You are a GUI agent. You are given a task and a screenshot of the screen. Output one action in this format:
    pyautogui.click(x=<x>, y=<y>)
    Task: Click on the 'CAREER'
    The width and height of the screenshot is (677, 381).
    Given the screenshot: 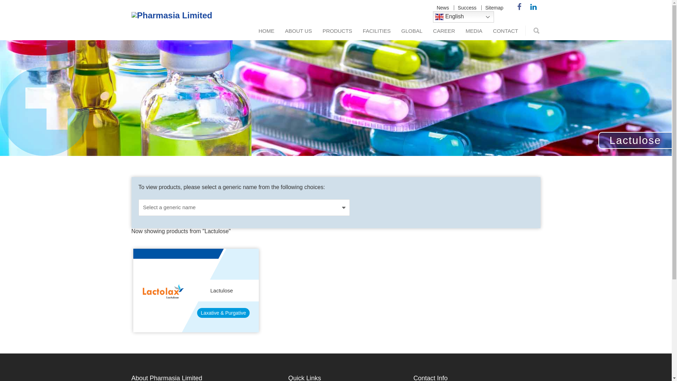 What is the action you would take?
    pyautogui.click(x=444, y=30)
    